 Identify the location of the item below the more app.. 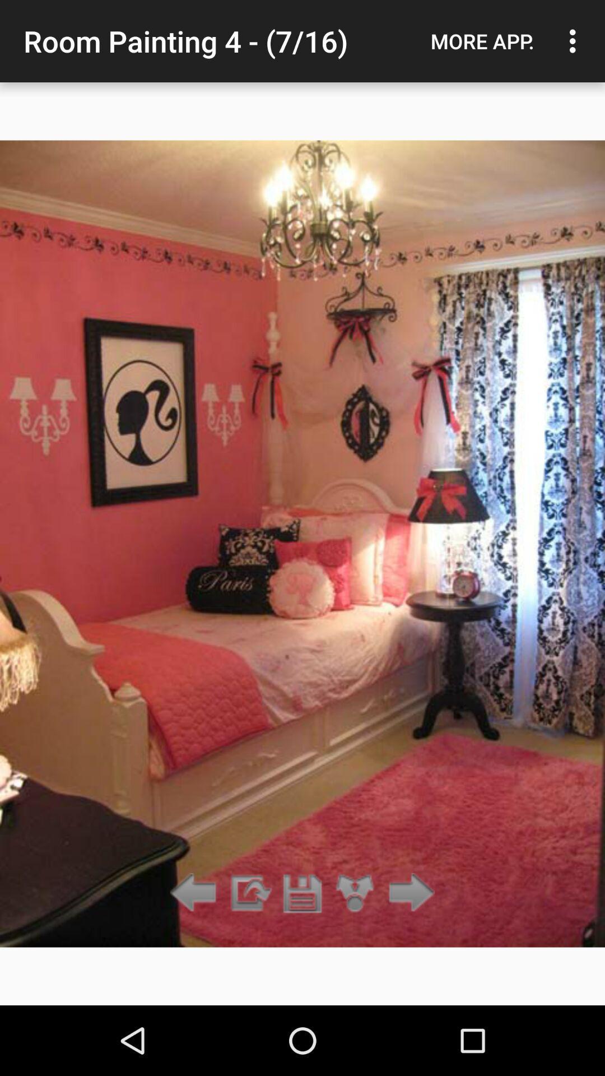
(408, 893).